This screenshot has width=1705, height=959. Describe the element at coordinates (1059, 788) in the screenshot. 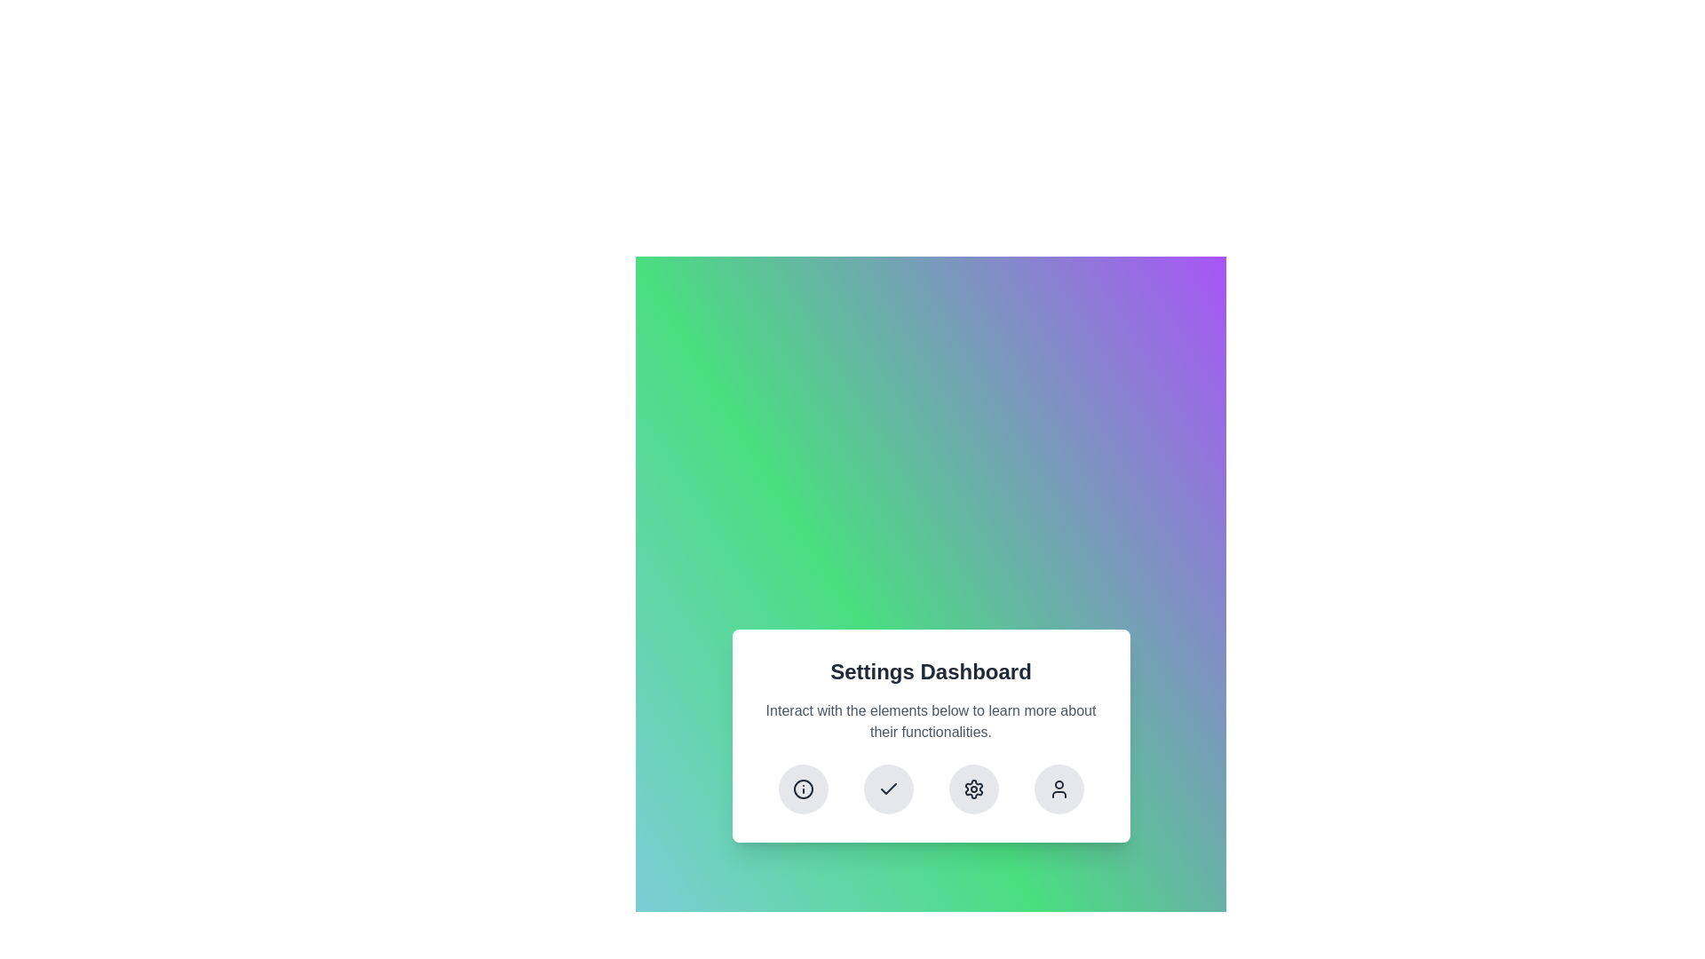

I see `the circular button with a user silhouette icon, which is the fourth button in a horizontally aligned group within a white card component` at that location.